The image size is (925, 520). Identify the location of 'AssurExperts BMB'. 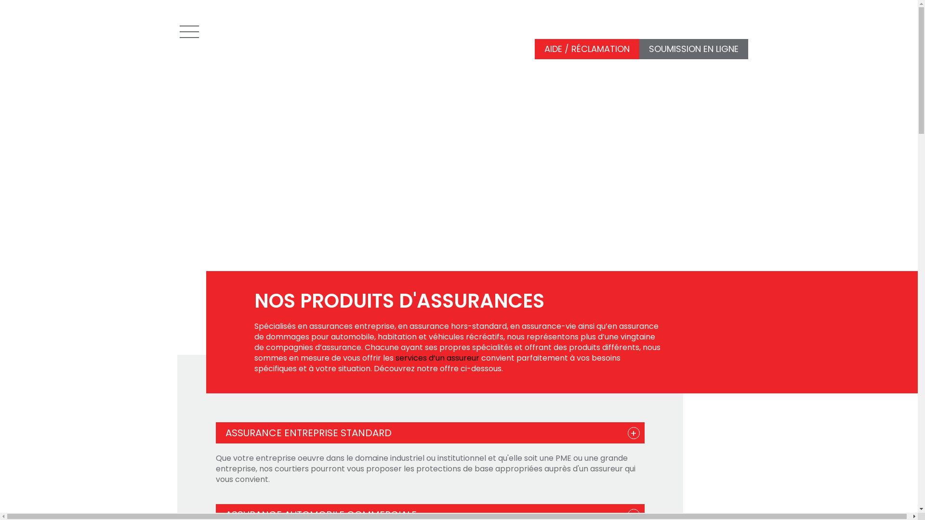
(256, 28).